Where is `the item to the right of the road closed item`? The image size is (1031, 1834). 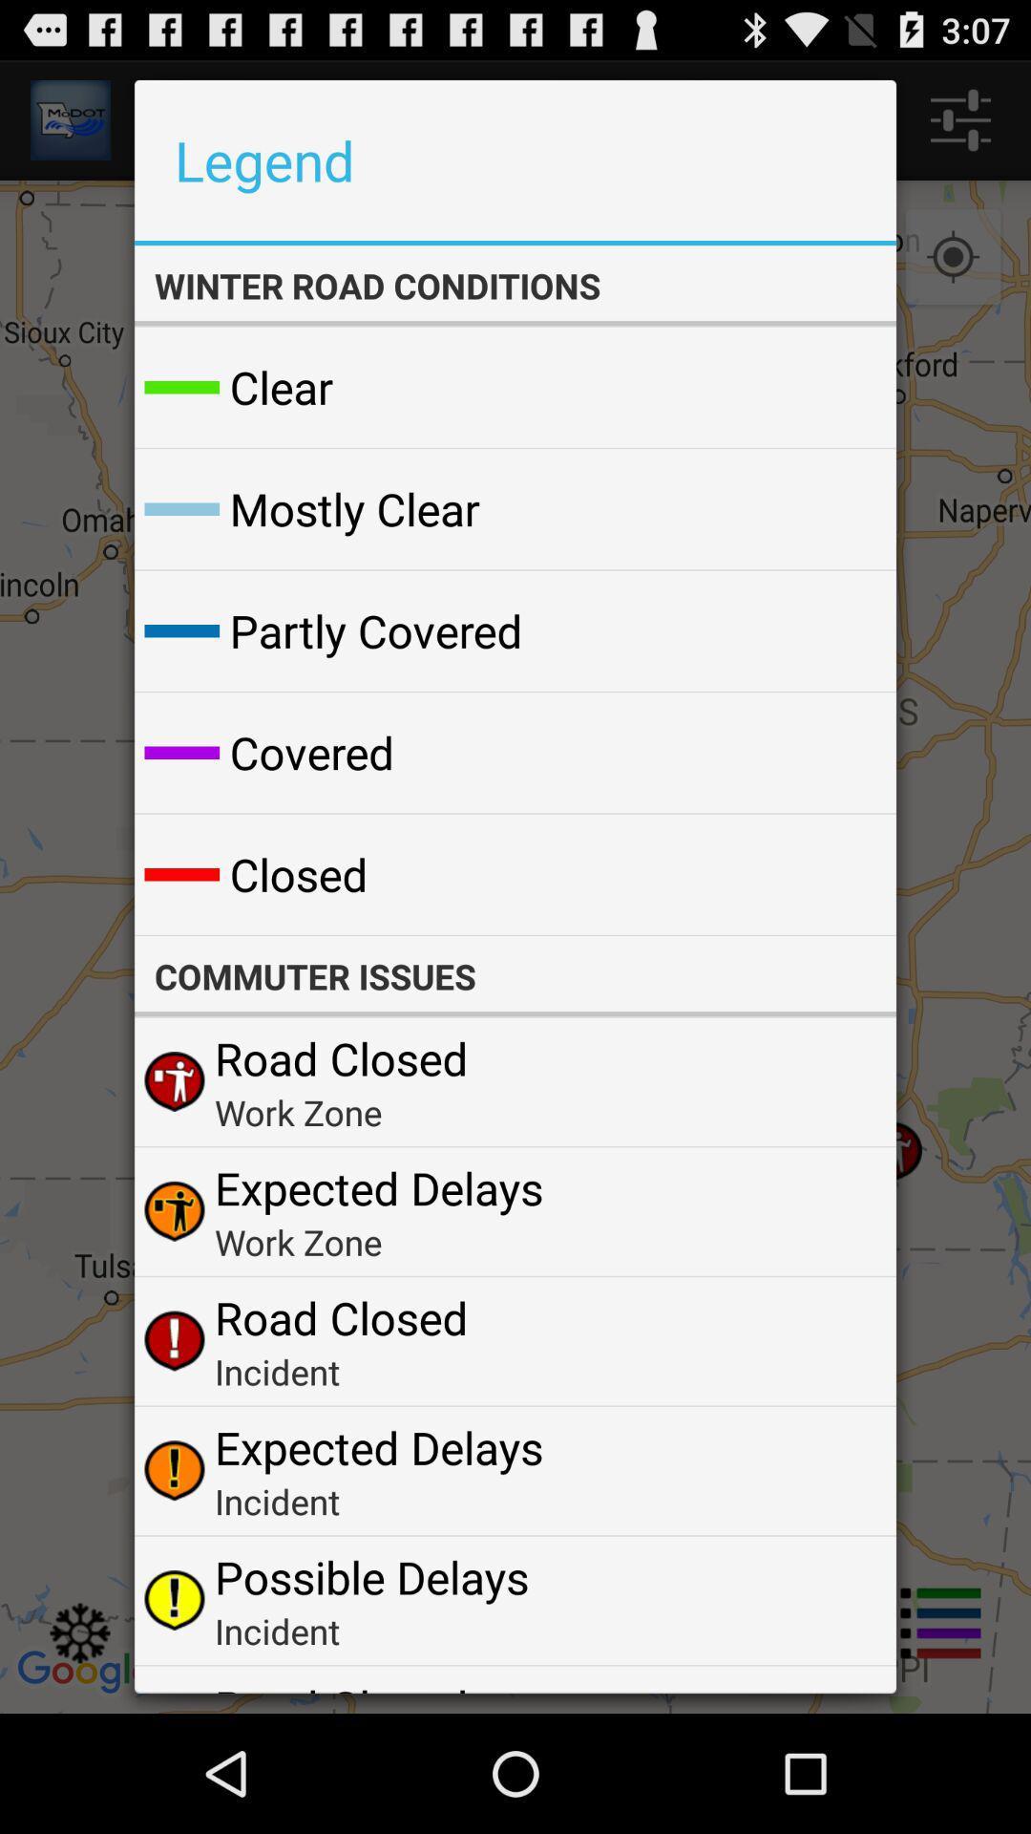
the item to the right of the road closed item is located at coordinates (834, 1686).